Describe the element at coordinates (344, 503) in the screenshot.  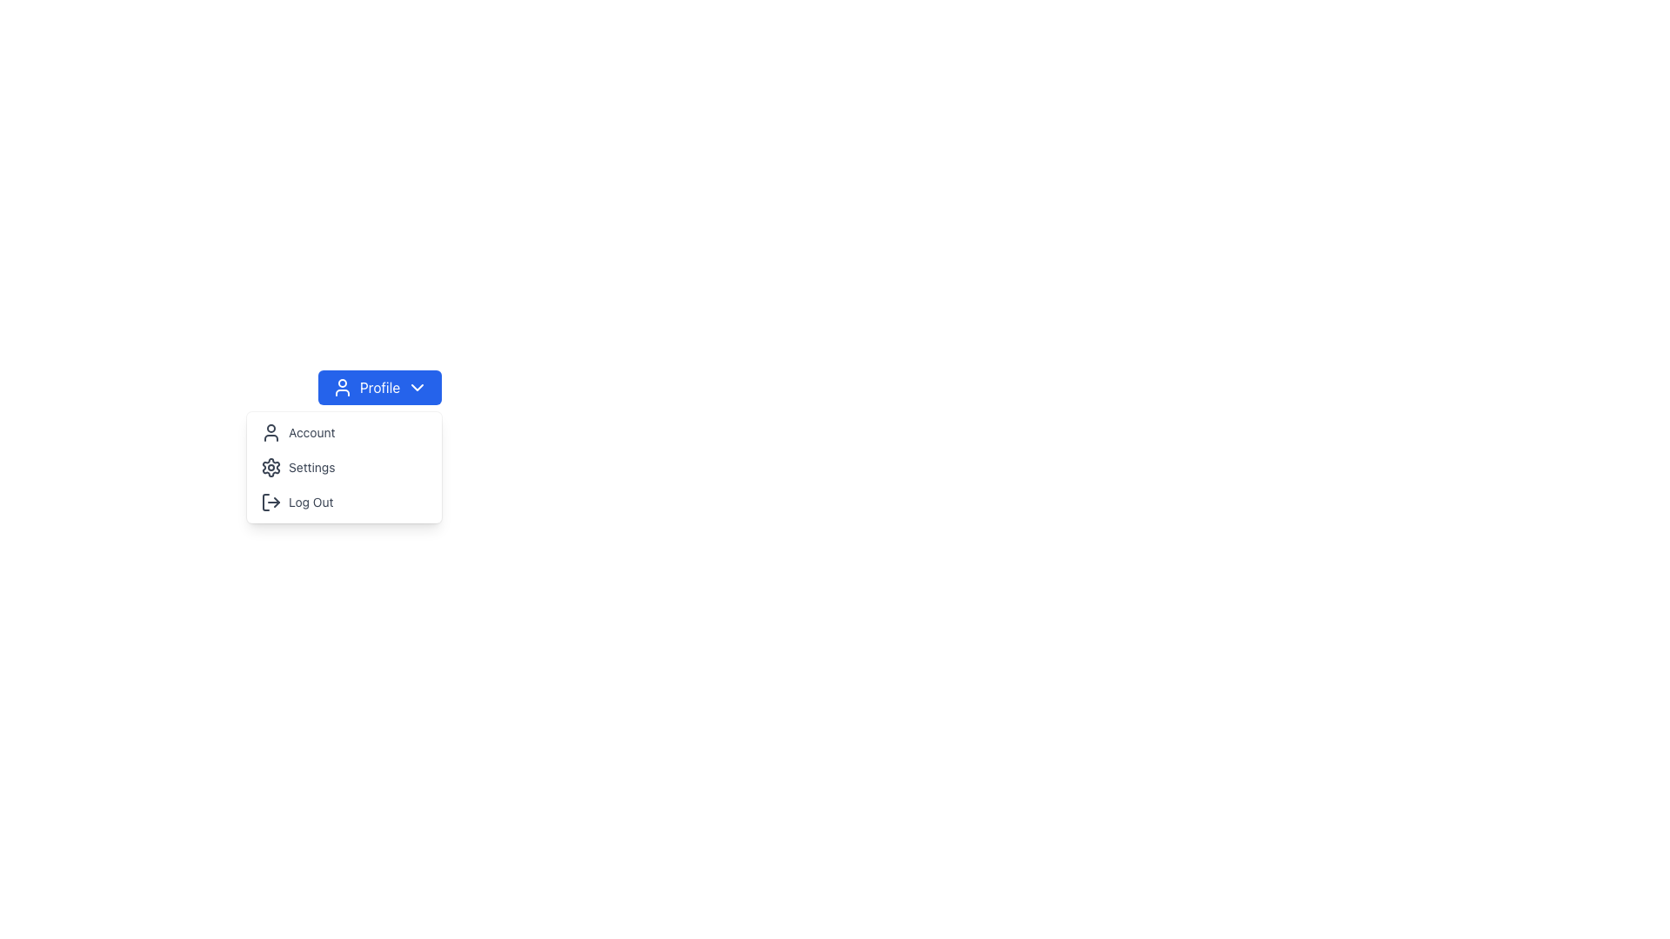
I see `the 'Log Out' menu item, which is the third item in the dropdown menu under the 'Profile' button, to log out` at that location.